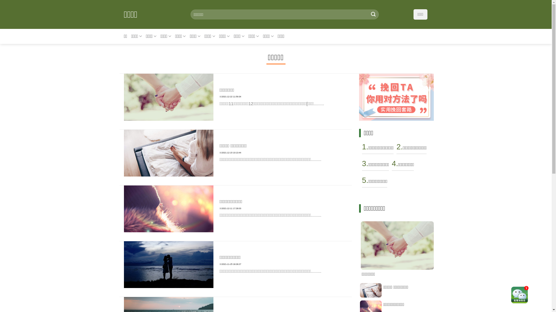 The width and height of the screenshot is (556, 312). What do you see at coordinates (0, 0) in the screenshot?
I see `'Skip to content'` at bounding box center [0, 0].